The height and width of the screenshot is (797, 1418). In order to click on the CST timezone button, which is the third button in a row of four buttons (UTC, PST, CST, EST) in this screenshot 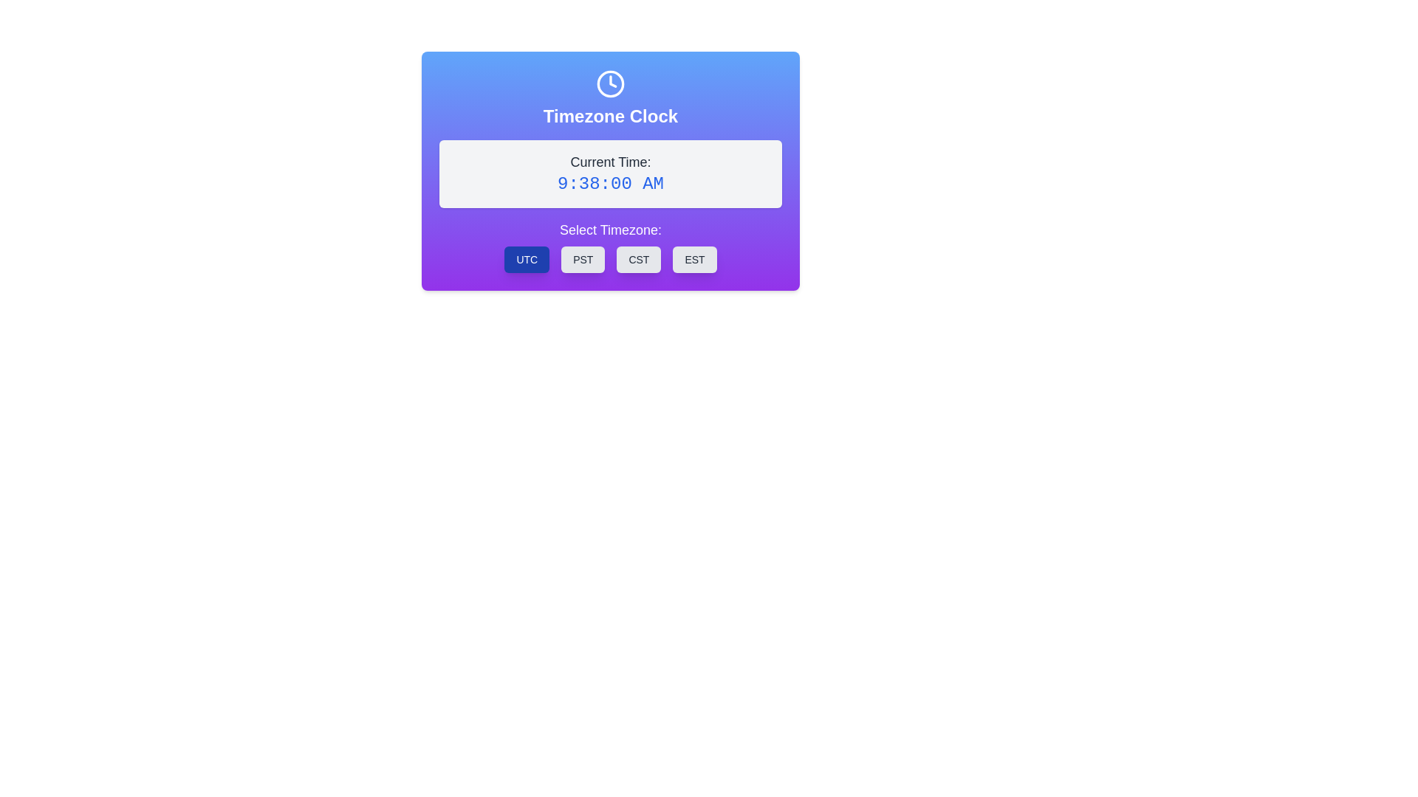, I will do `click(639, 258)`.